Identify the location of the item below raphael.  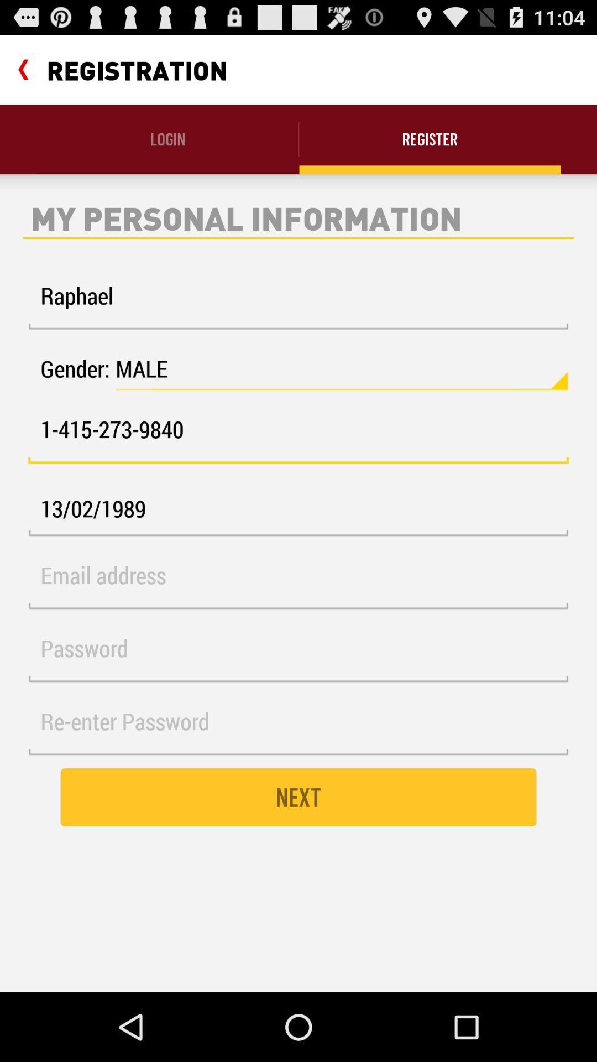
(341, 369).